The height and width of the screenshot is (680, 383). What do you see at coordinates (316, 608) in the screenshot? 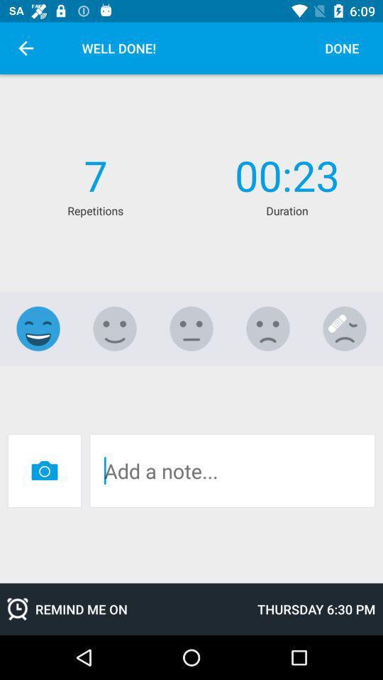
I see `thursday 6 30` at bounding box center [316, 608].